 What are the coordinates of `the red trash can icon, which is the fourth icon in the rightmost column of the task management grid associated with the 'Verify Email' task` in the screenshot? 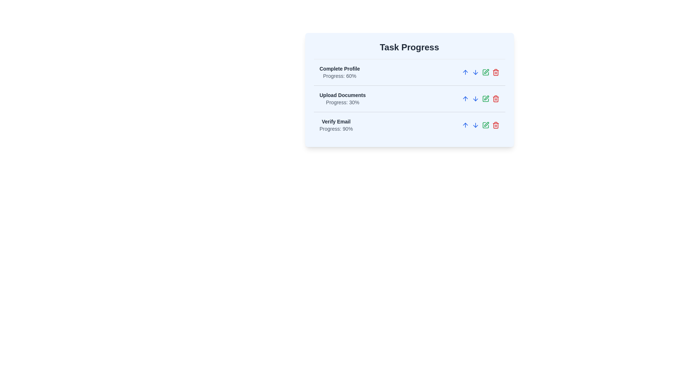 It's located at (495, 72).